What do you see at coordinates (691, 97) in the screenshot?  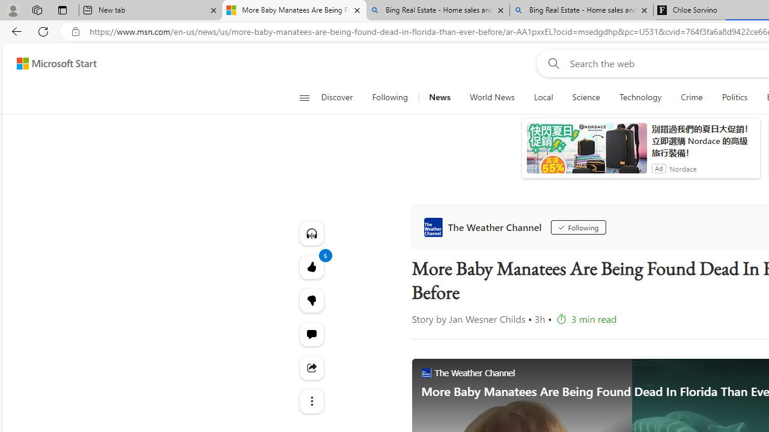 I see `'Crime'` at bounding box center [691, 97].